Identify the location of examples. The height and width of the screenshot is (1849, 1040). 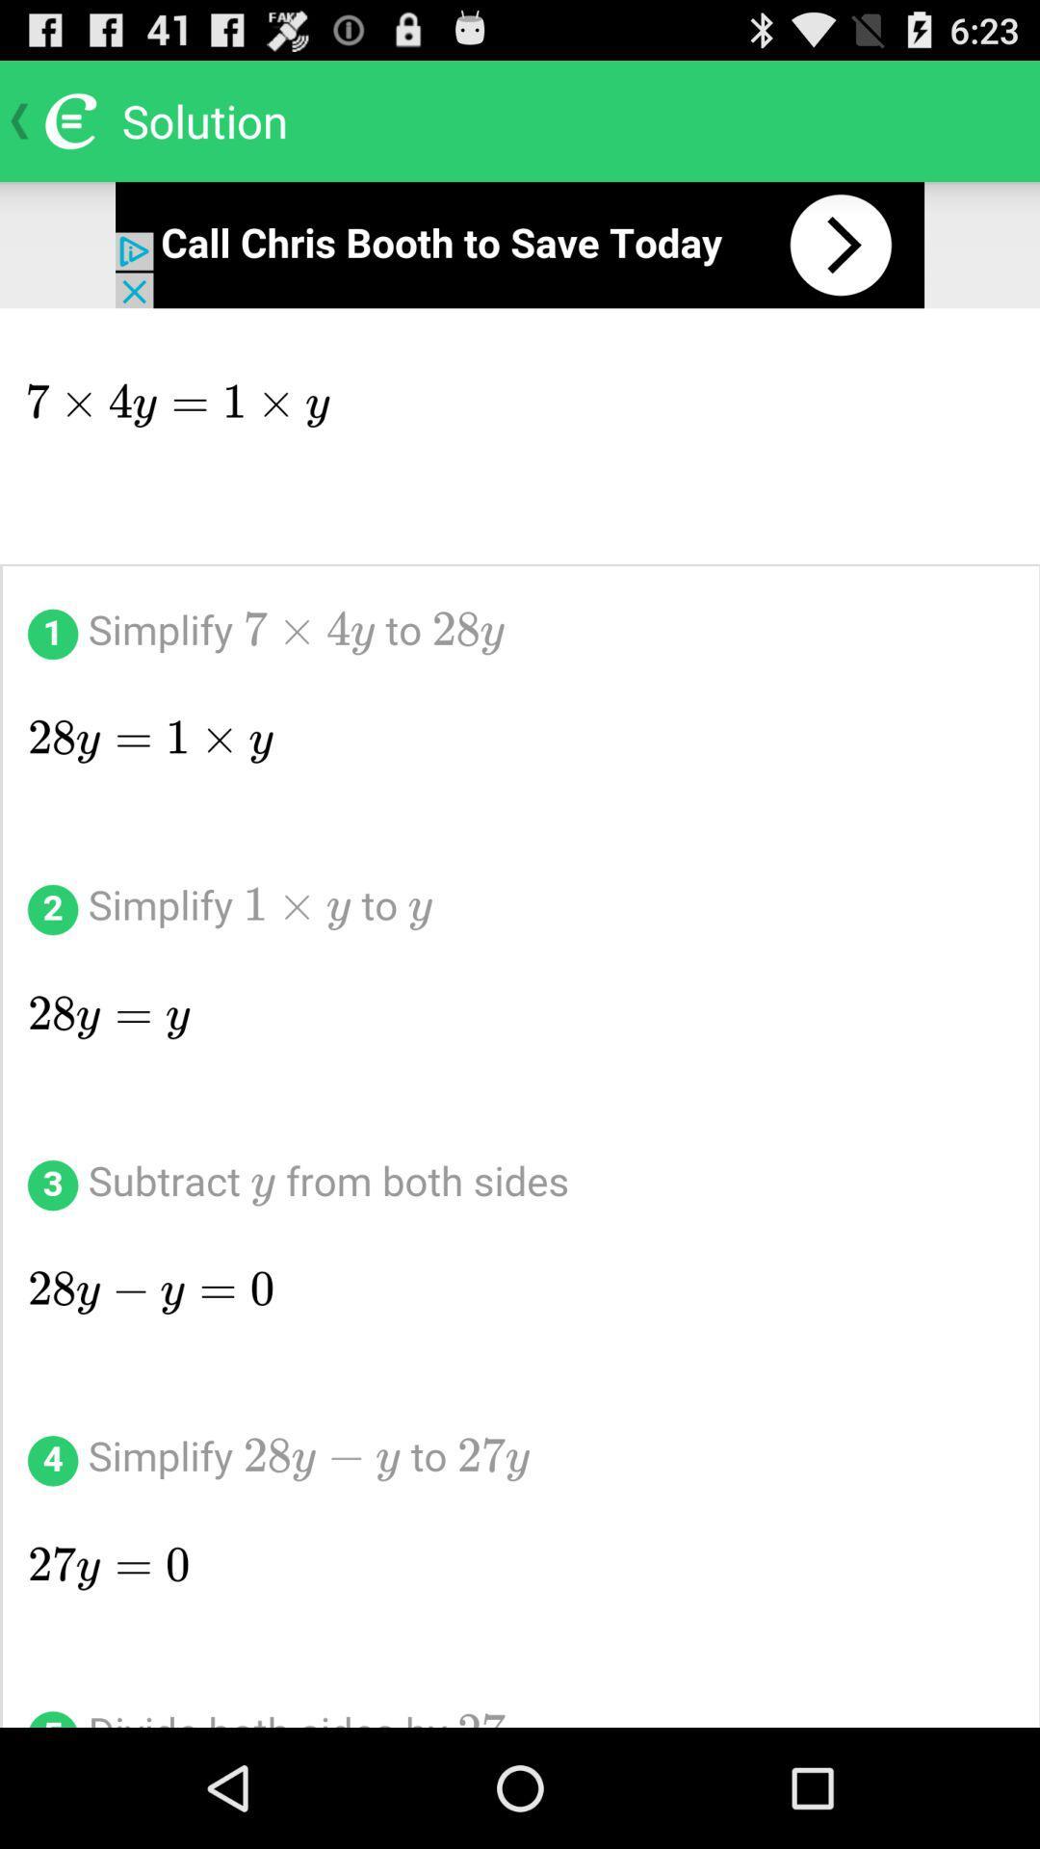
(520, 1017).